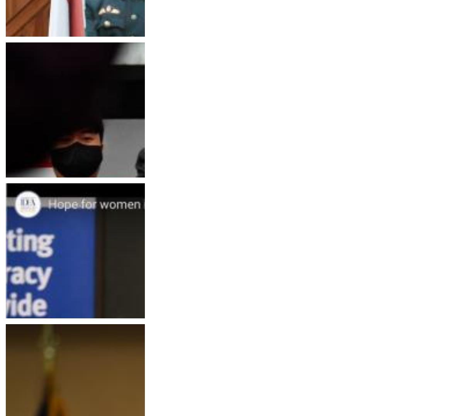 The image size is (452, 416). What do you see at coordinates (30, 192) in the screenshot?
I see `'Business Upturn'` at bounding box center [30, 192].